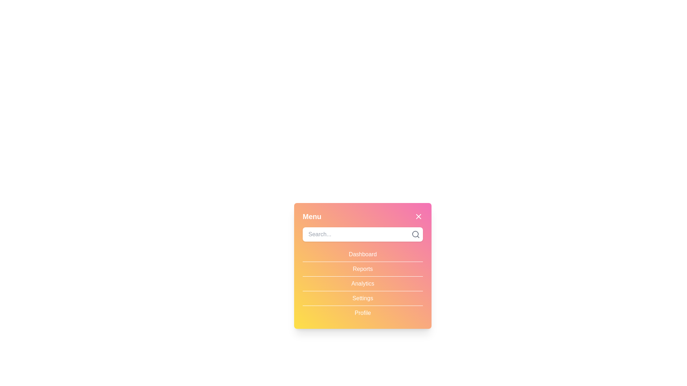  What do you see at coordinates (419, 216) in the screenshot?
I see `the 'X' icon button to toggle the menu visibility` at bounding box center [419, 216].